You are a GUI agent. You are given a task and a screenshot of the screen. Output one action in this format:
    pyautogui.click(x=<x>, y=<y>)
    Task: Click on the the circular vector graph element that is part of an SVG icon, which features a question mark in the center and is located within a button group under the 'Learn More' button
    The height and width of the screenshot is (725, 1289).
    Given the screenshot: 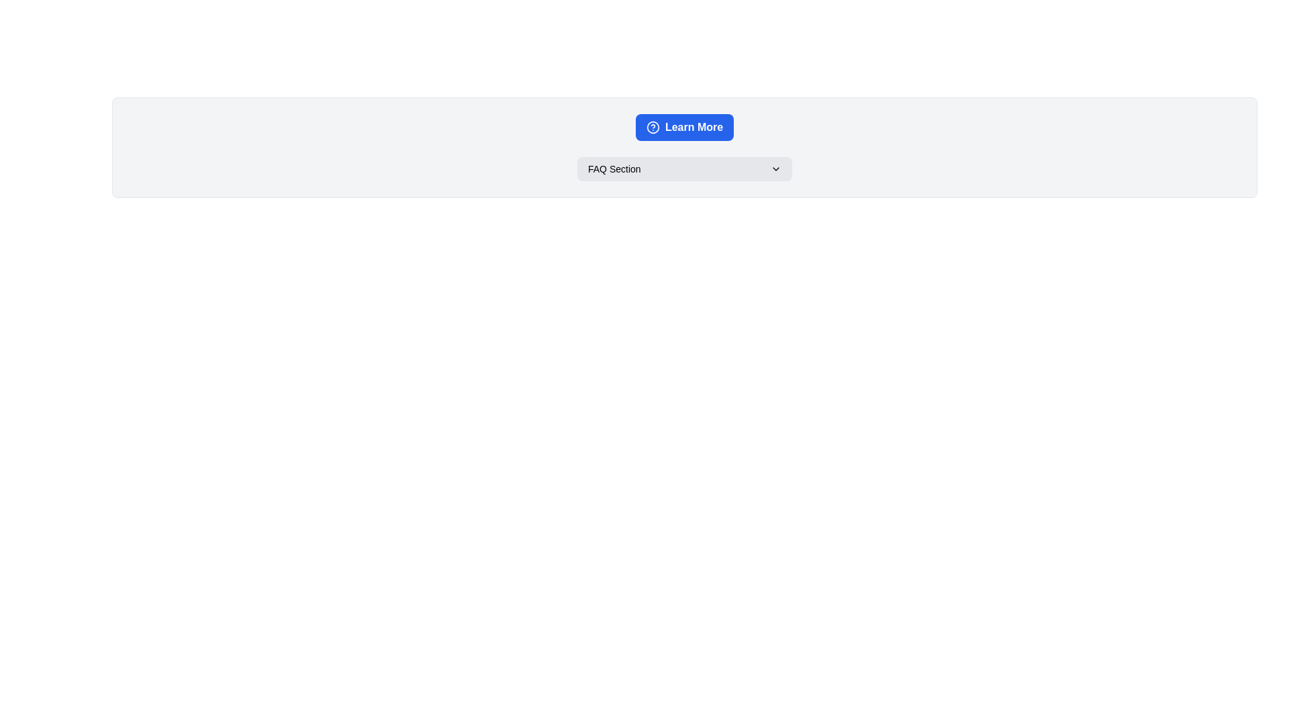 What is the action you would take?
    pyautogui.click(x=653, y=127)
    